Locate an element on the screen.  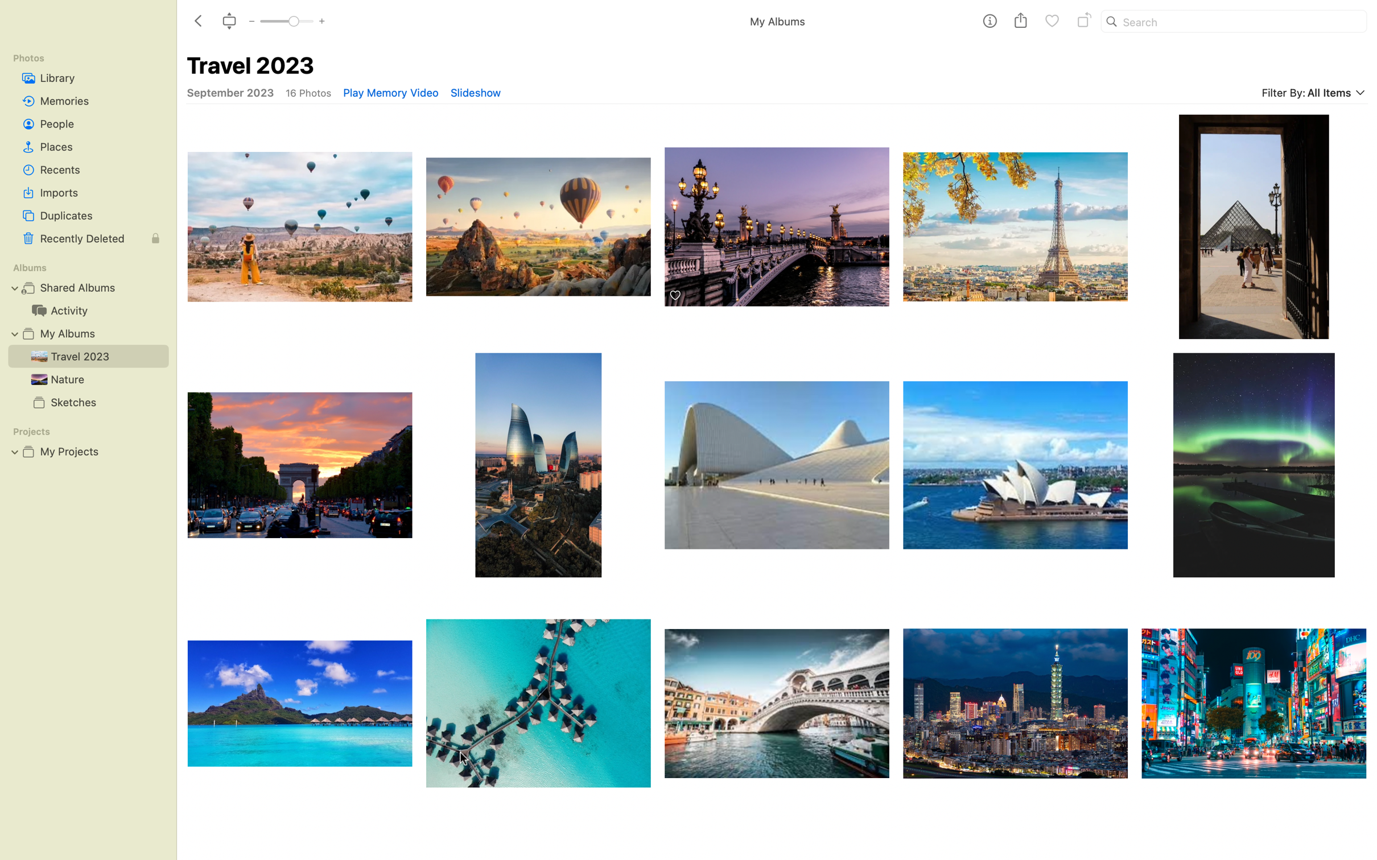
Go to the album "Recents" and enlarge pictures using top bar is located at coordinates (88, 169).